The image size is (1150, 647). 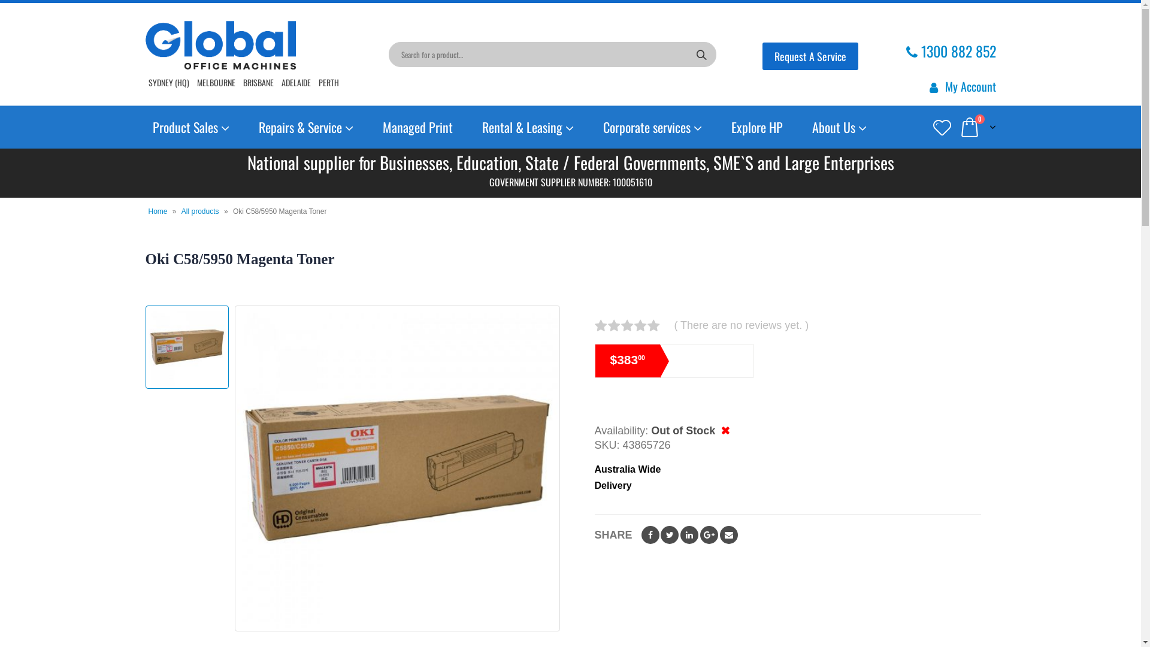 What do you see at coordinates (328, 81) in the screenshot?
I see `'PERTH'` at bounding box center [328, 81].